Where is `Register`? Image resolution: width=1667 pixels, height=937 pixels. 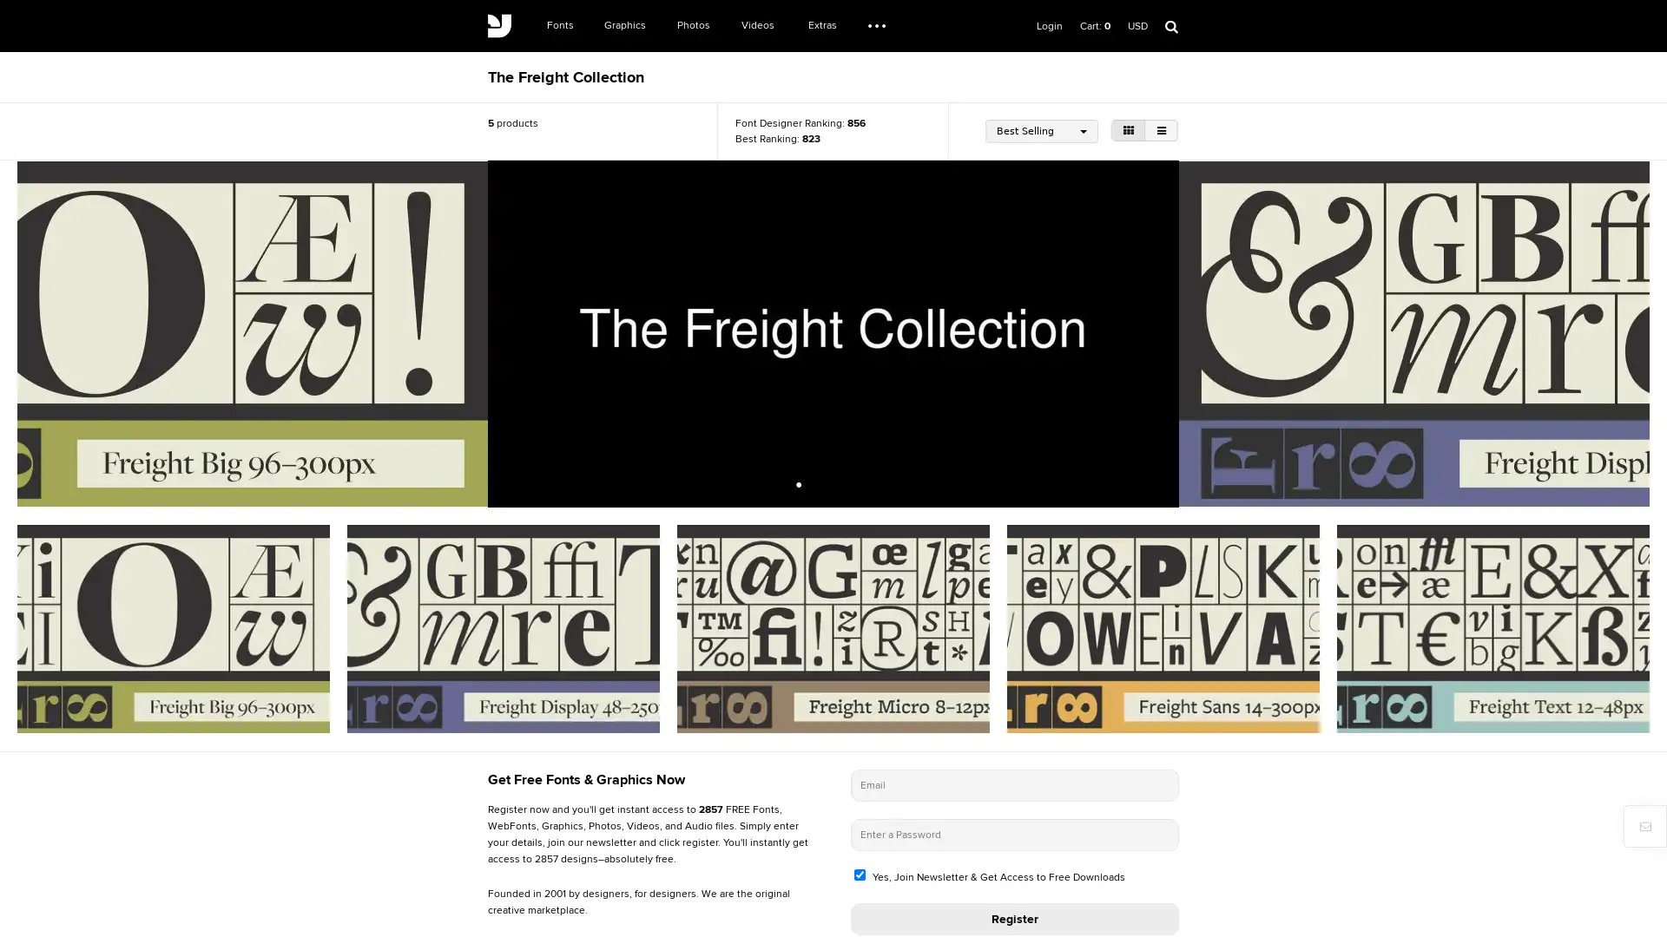
Register is located at coordinates (1015, 918).